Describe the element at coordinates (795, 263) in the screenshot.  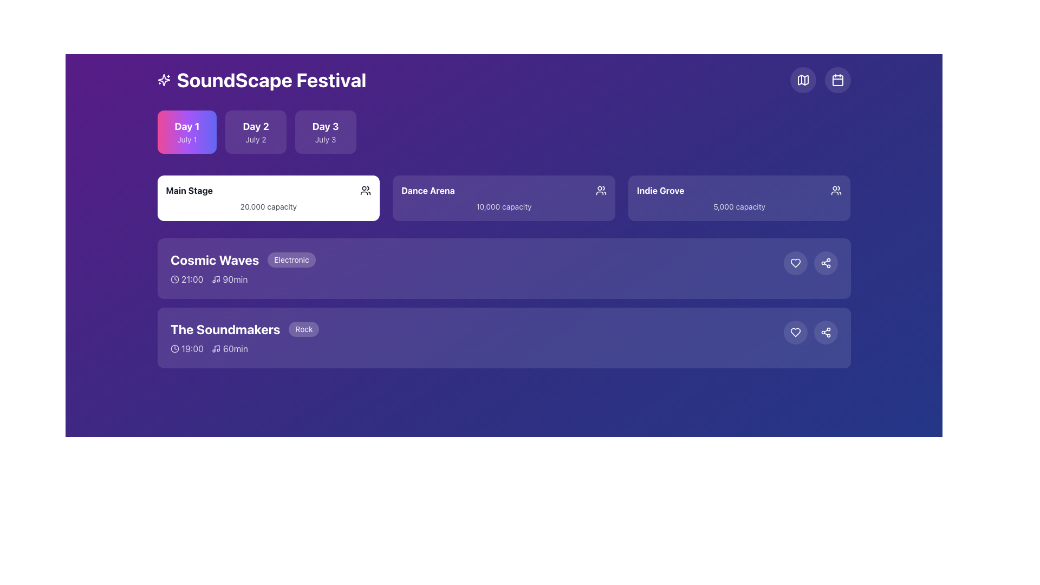
I see `the heart icon located at the bottom right corner of the 'The Soundmakers' section` at that location.